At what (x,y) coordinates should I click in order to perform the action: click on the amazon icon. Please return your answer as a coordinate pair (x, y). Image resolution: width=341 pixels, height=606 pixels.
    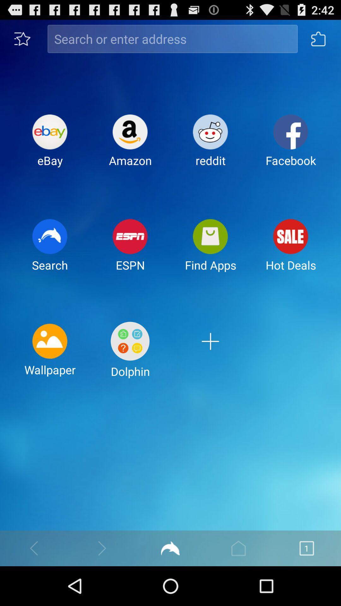
    Looking at the image, I should click on (130, 145).